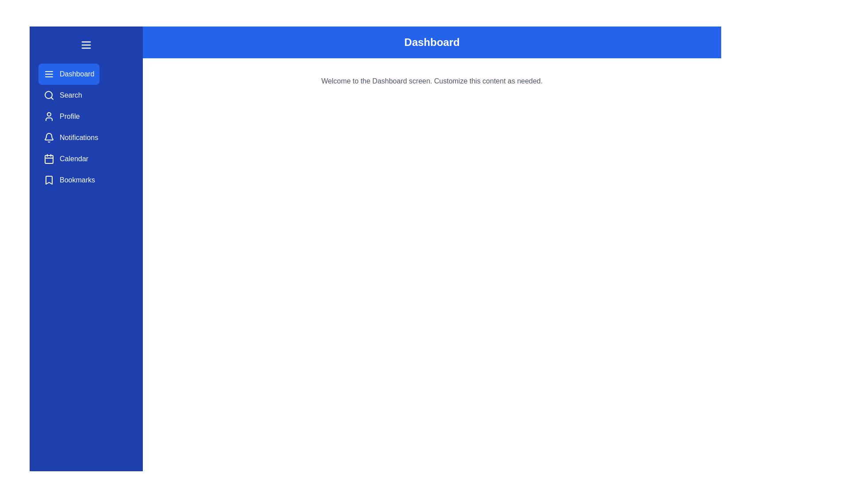 This screenshot has height=477, width=849. Describe the element at coordinates (48, 180) in the screenshot. I see `the bookmark icon located in the sidebar of the application interface` at that location.